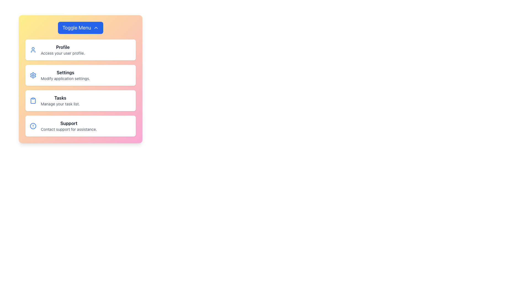 The image size is (530, 298). I want to click on the 'Tasks' menu icon, which visually represents the clipboard and is the third menu item in the user interface, so click(33, 101).